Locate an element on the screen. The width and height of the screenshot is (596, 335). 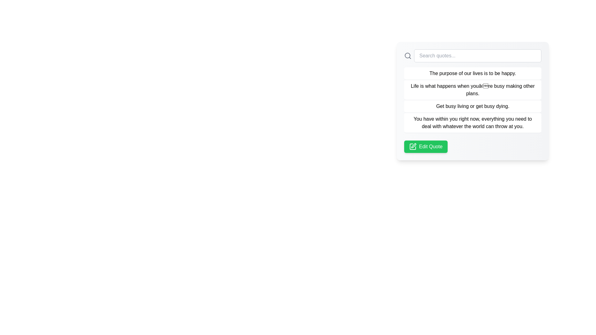
the text block containing the quote 'Get busy living or get busy dying.' located centrally above the green 'Edit Quote' button is located at coordinates (472, 104).